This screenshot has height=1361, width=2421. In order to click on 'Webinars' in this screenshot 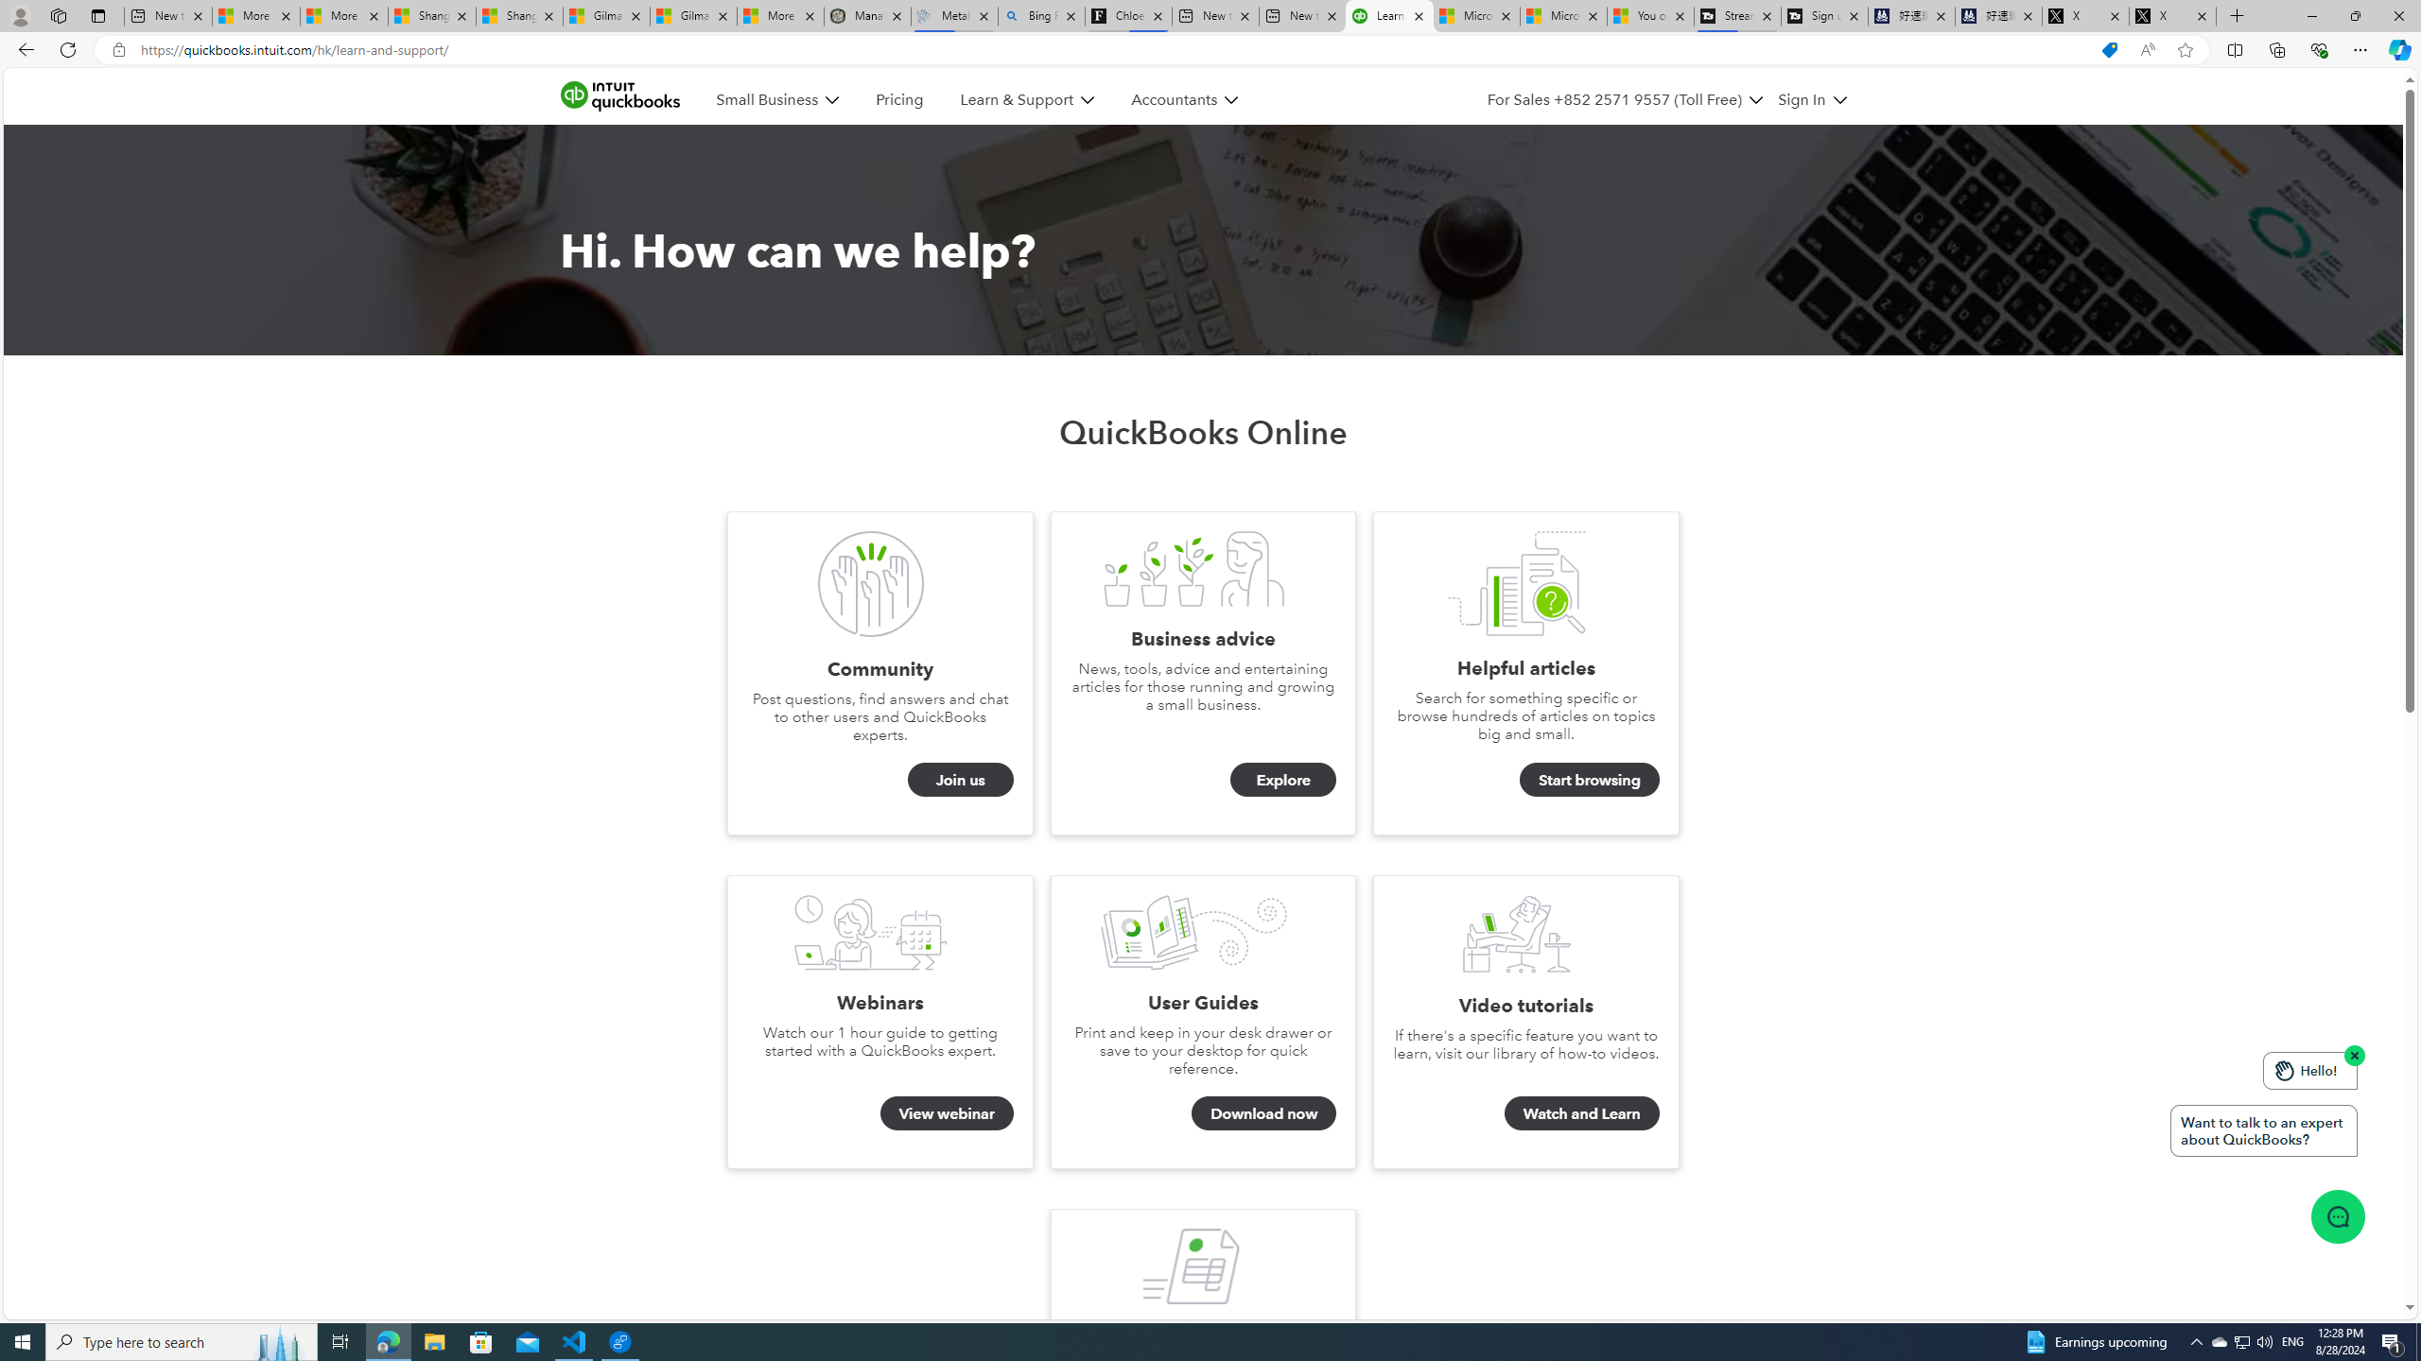, I will do `click(871, 933)`.